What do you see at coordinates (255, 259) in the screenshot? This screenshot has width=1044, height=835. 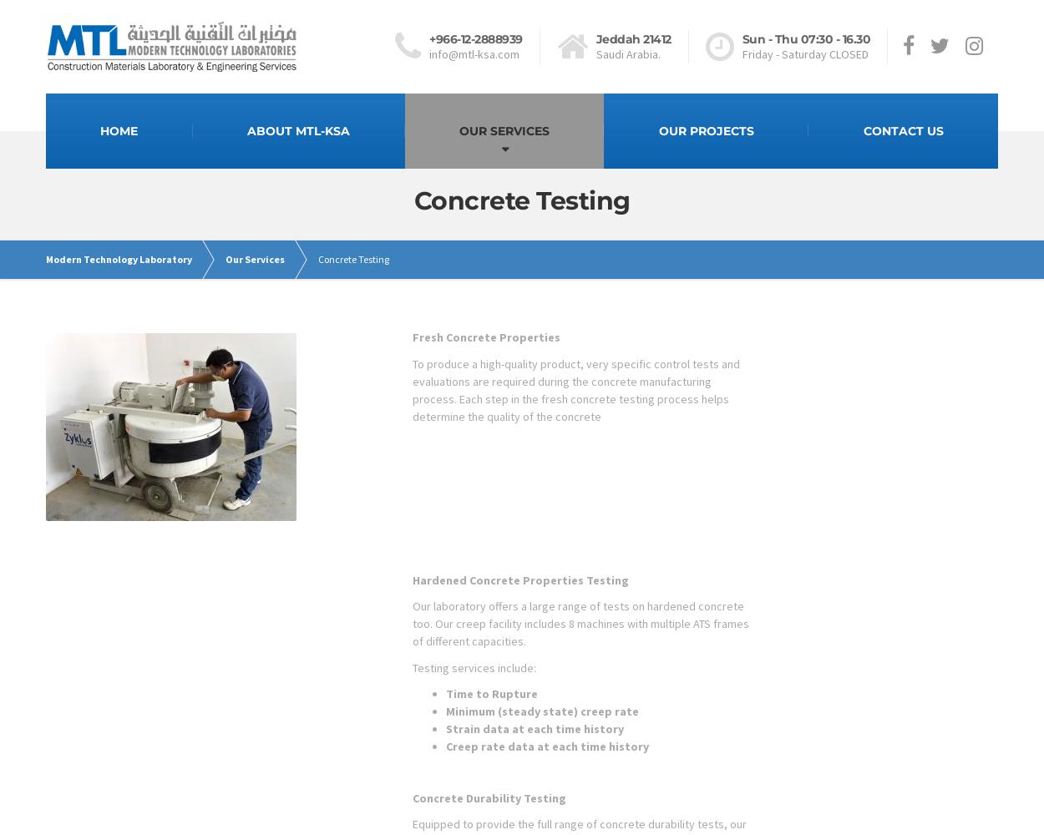 I see `'Our Services'` at bounding box center [255, 259].